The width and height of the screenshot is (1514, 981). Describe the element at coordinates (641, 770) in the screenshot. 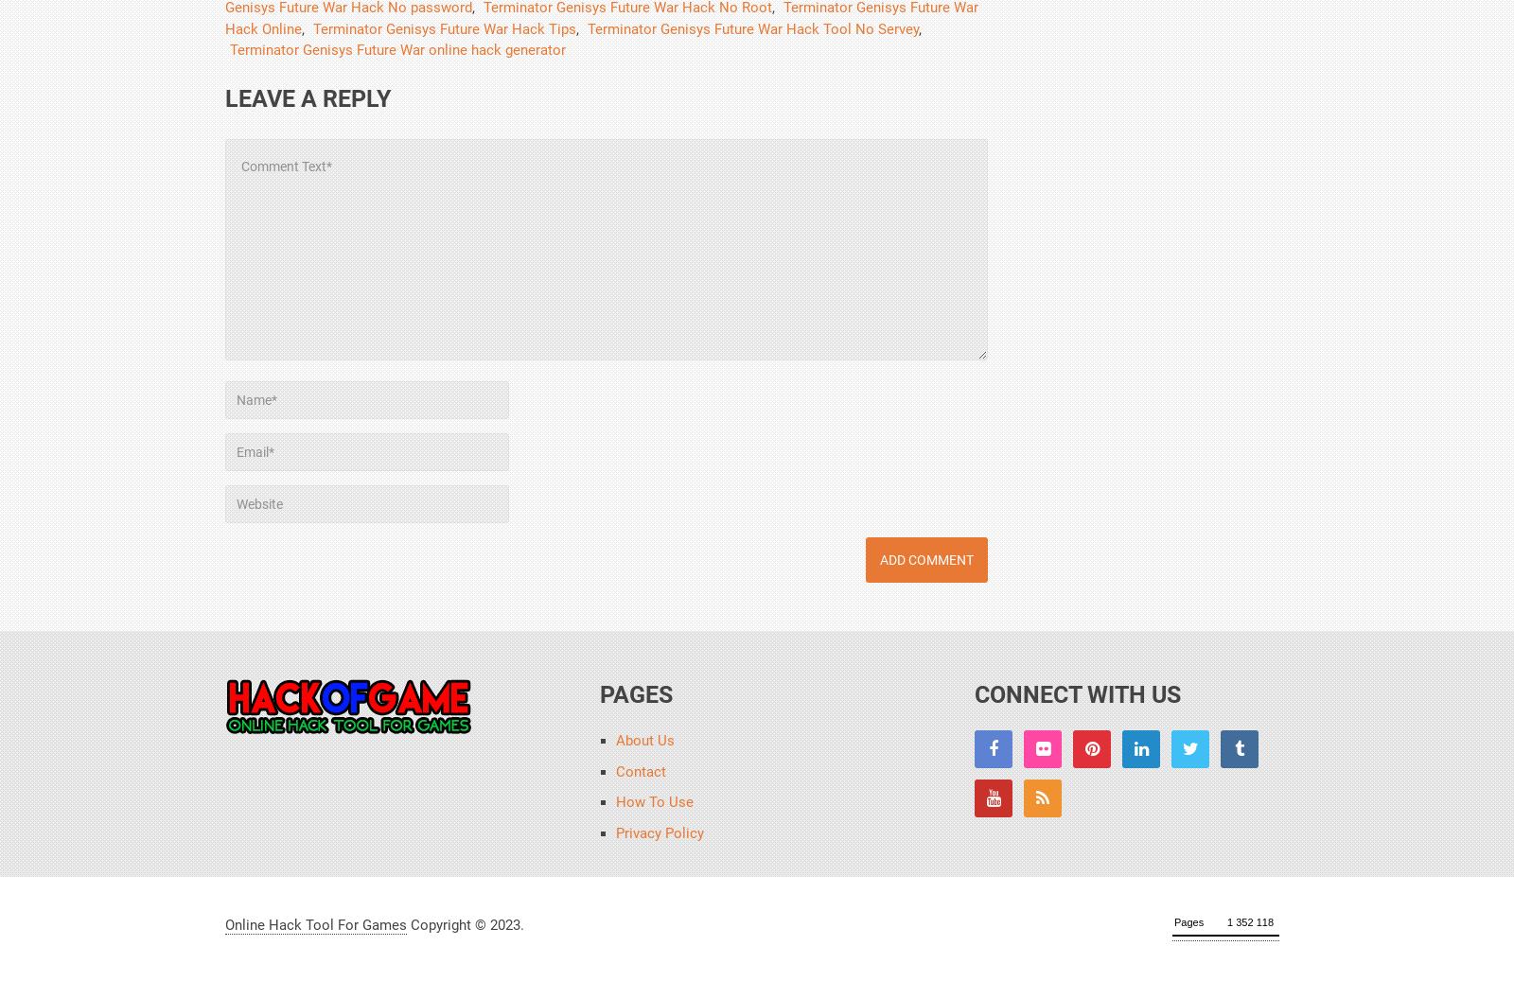

I see `'Contact'` at that location.